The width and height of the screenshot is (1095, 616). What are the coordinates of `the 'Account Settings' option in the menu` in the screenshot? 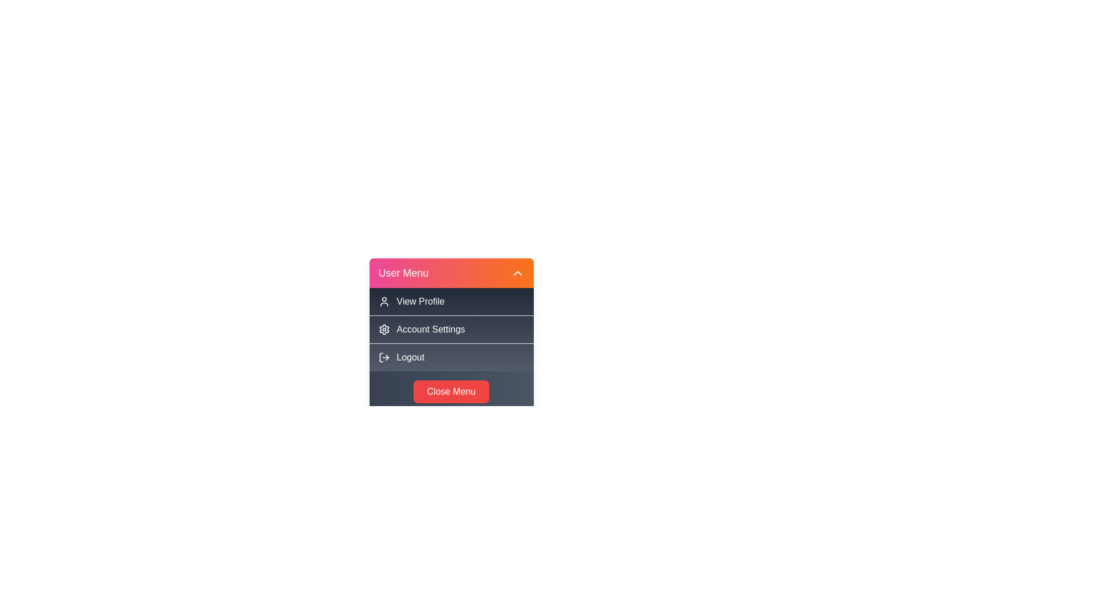 It's located at (451, 329).